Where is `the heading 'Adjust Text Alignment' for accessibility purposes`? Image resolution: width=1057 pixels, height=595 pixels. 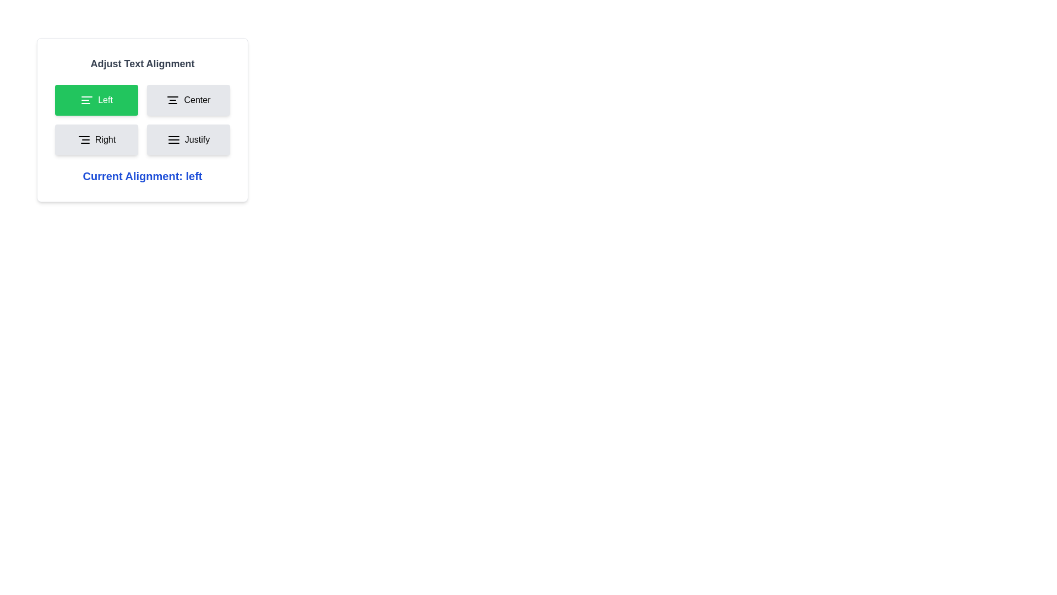 the heading 'Adjust Text Alignment' for accessibility purposes is located at coordinates (142, 63).